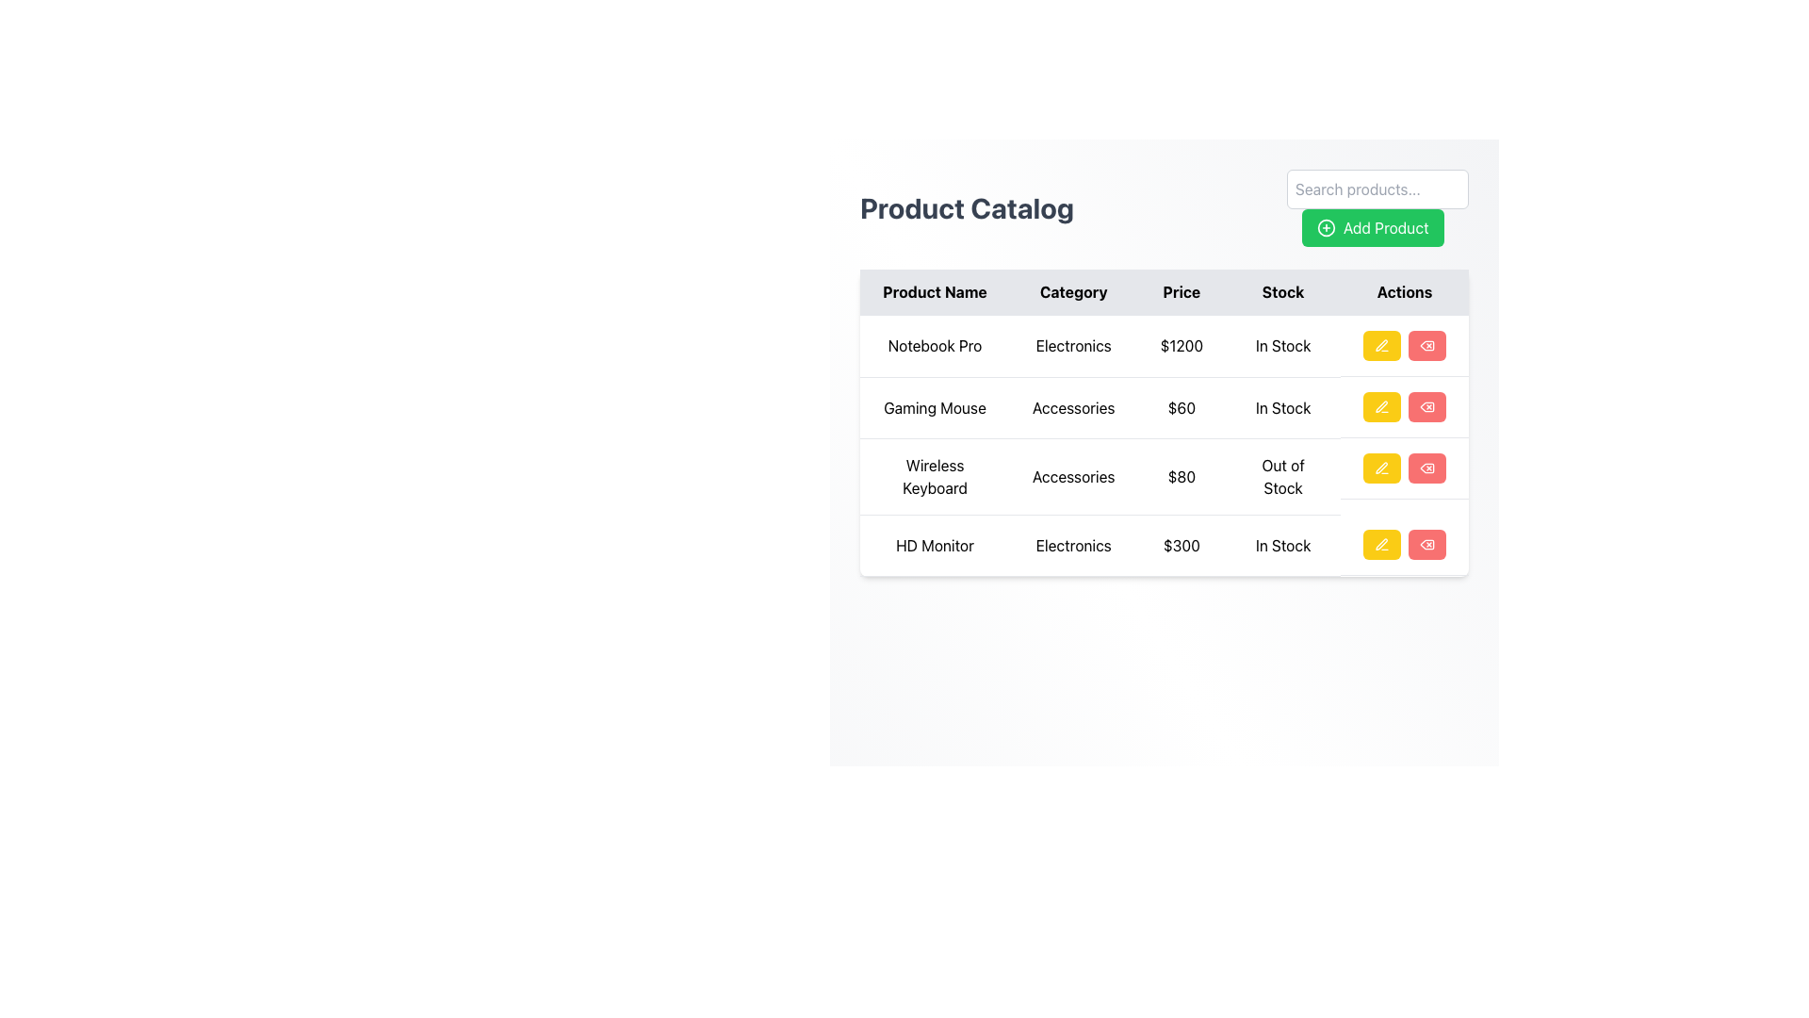  Describe the element at coordinates (1181, 475) in the screenshot. I see `the Text Label displaying the price '$80' for the product 'Wireless Keyboard', which is located in the 'Price' column of the table` at that location.